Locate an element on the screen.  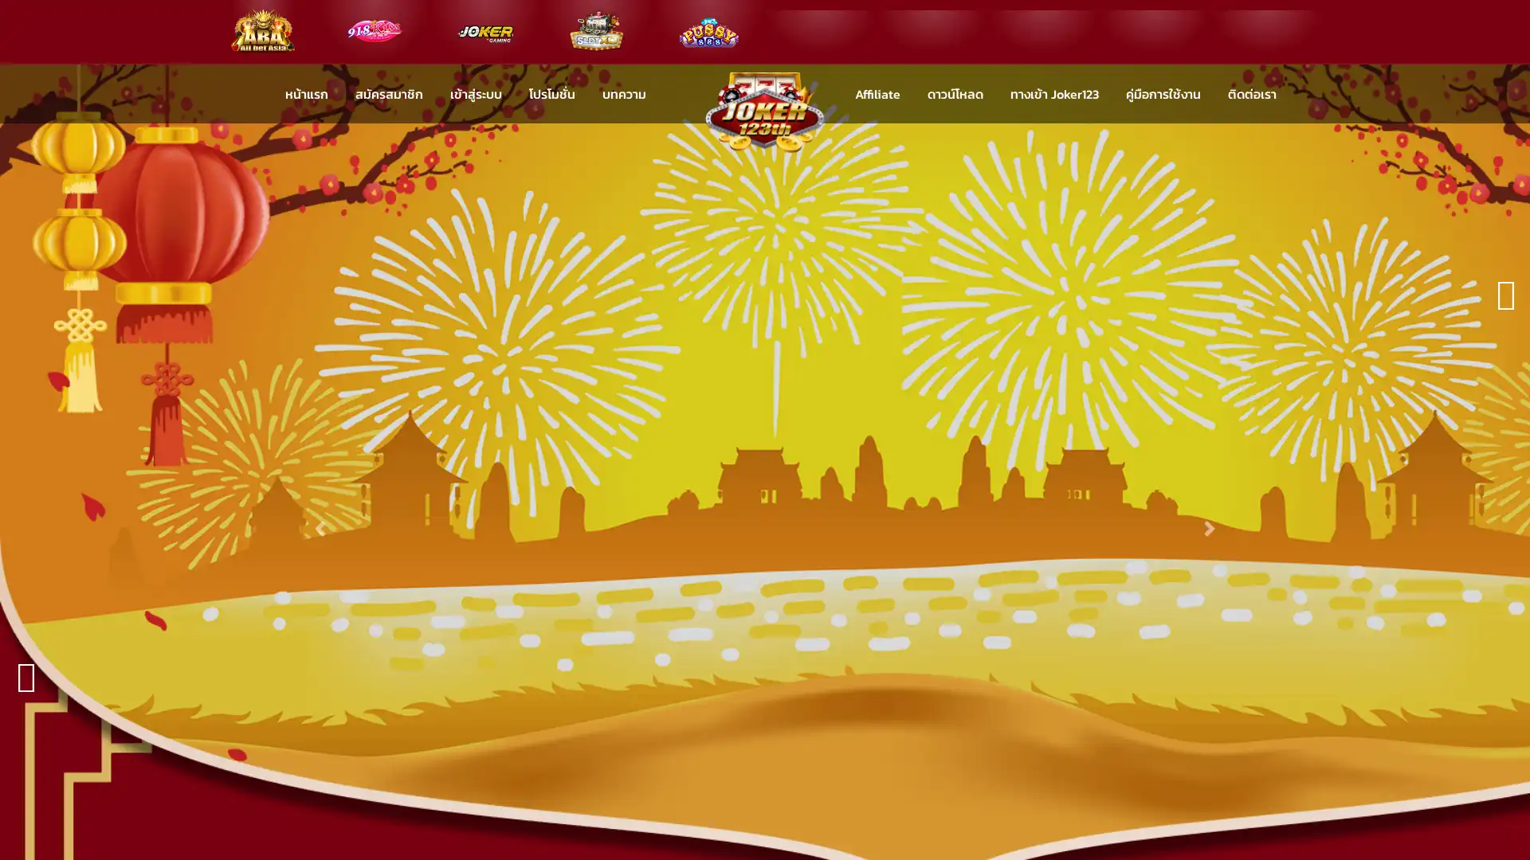
Previous is located at coordinates (319, 441).